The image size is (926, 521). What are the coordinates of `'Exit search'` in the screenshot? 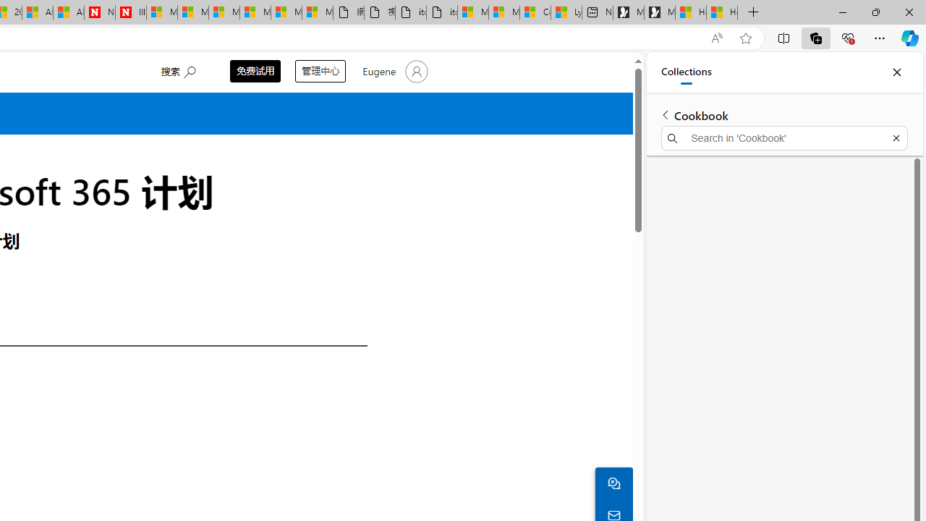 It's located at (896, 138).